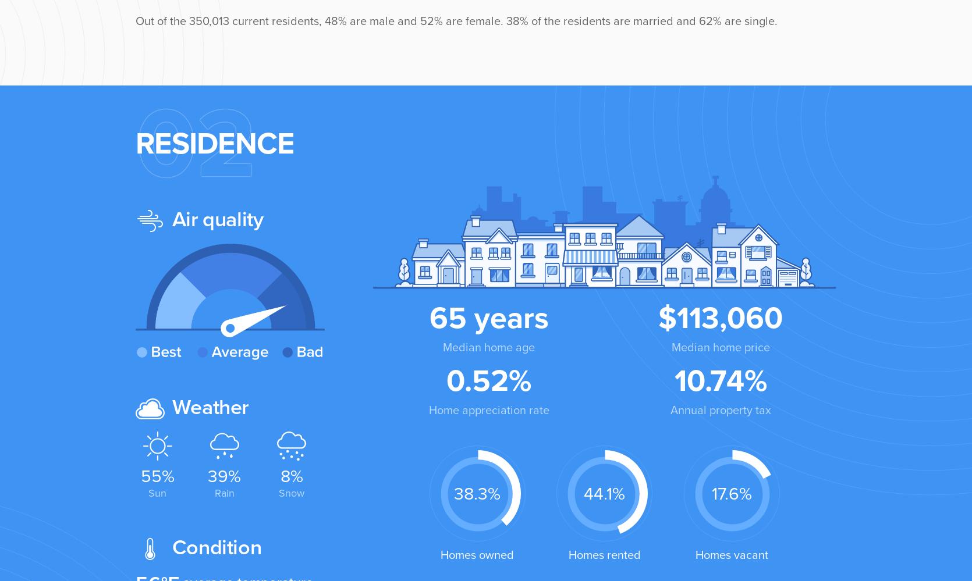 This screenshot has height=581, width=972. I want to click on 'Homes rented', so click(567, 554).